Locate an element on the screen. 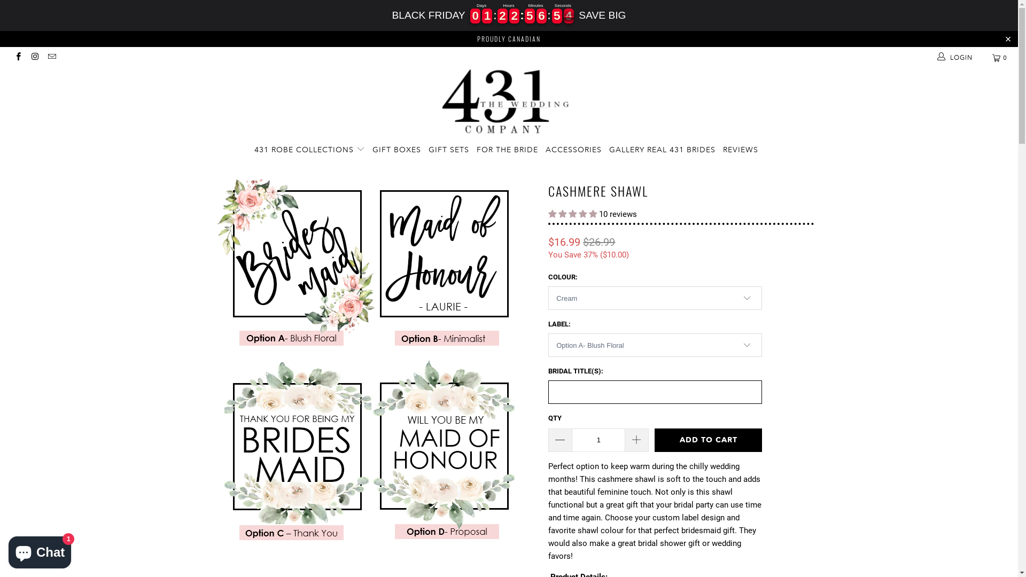 The height and width of the screenshot is (577, 1026). 'REVIEWS' is located at coordinates (740, 150).